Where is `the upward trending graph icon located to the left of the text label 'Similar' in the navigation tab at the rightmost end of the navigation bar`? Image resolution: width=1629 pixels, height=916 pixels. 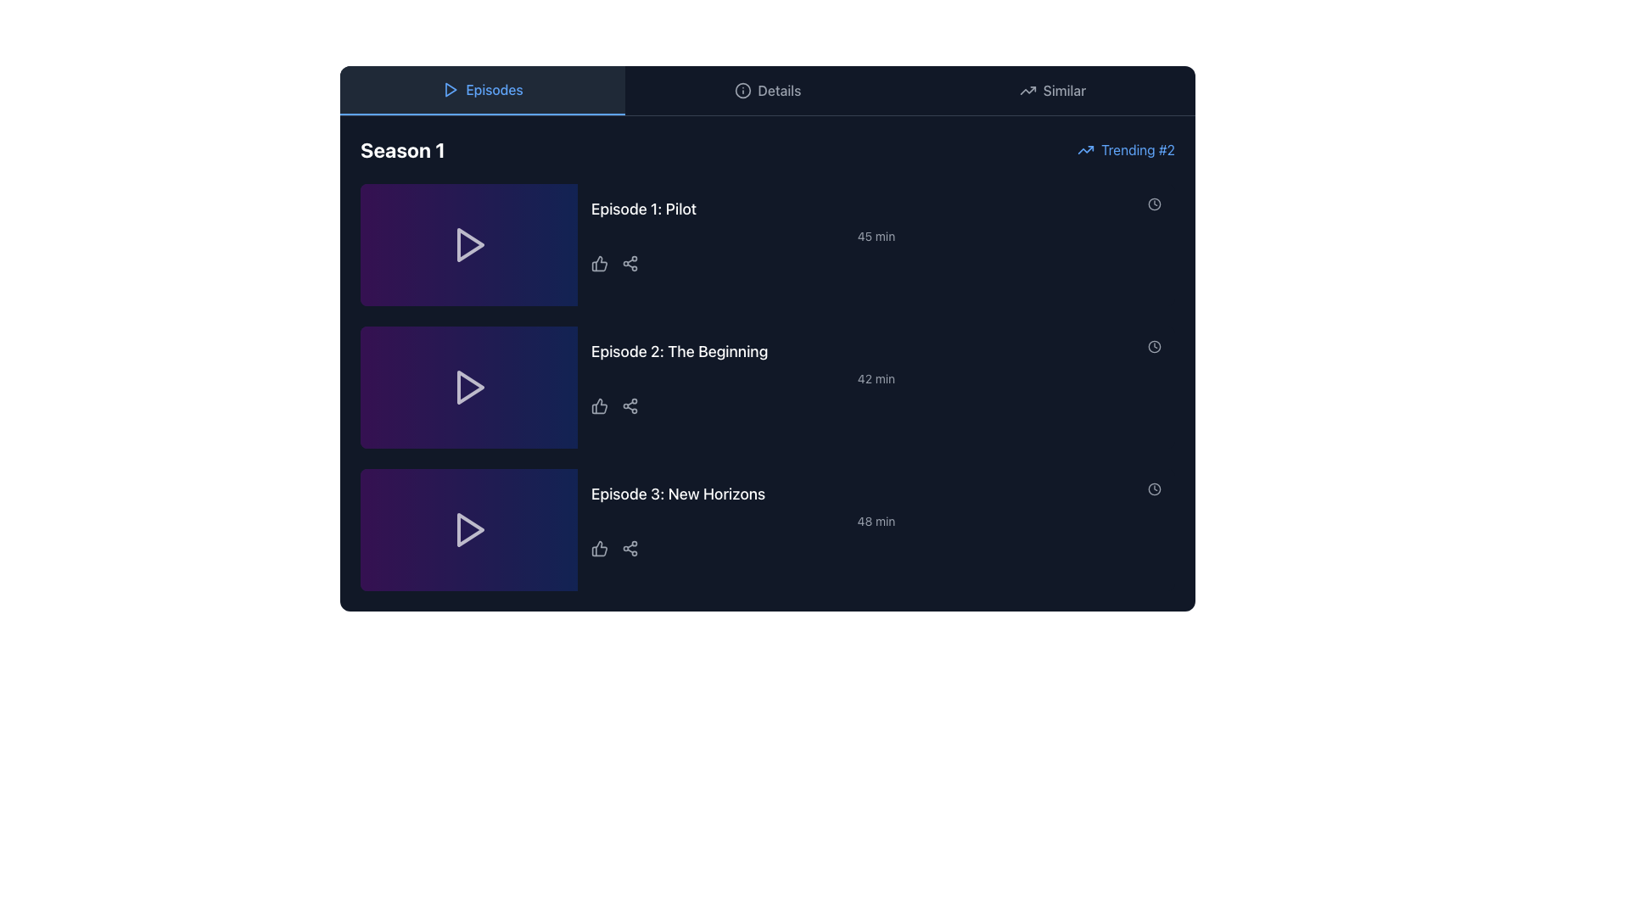
the upward trending graph icon located to the left of the text label 'Similar' in the navigation tab at the rightmost end of the navigation bar is located at coordinates (1027, 91).